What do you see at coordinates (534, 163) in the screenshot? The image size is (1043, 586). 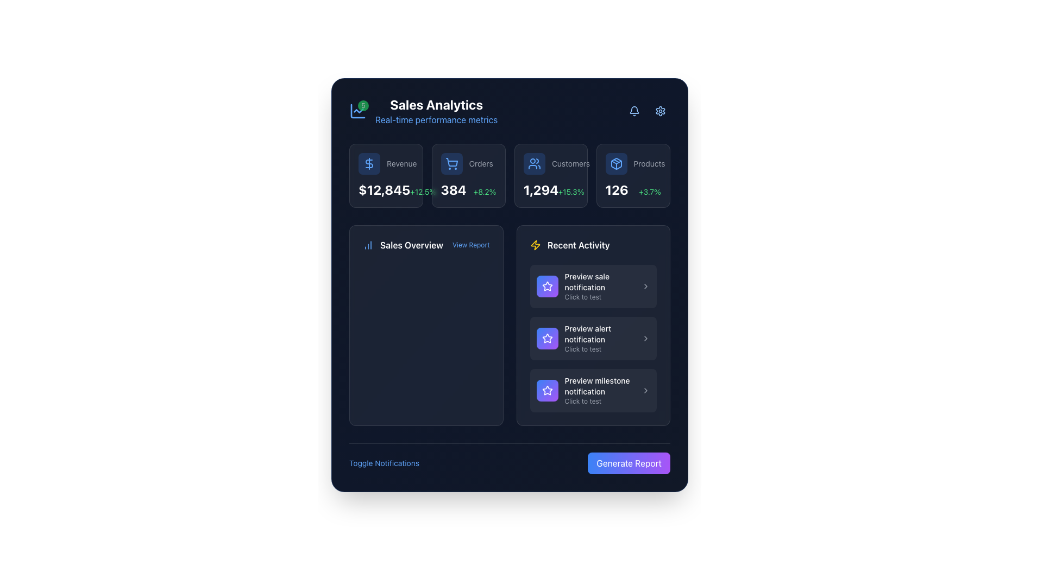 I see `the 'Customers' icon` at bounding box center [534, 163].